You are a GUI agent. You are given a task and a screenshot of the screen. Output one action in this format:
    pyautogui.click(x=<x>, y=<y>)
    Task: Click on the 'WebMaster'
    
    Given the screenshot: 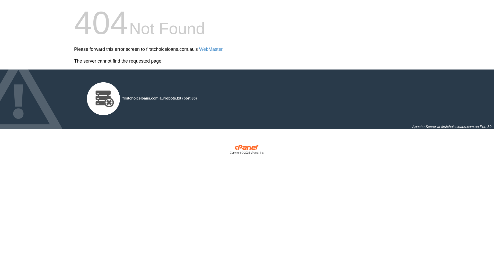 What is the action you would take?
    pyautogui.click(x=211, y=49)
    